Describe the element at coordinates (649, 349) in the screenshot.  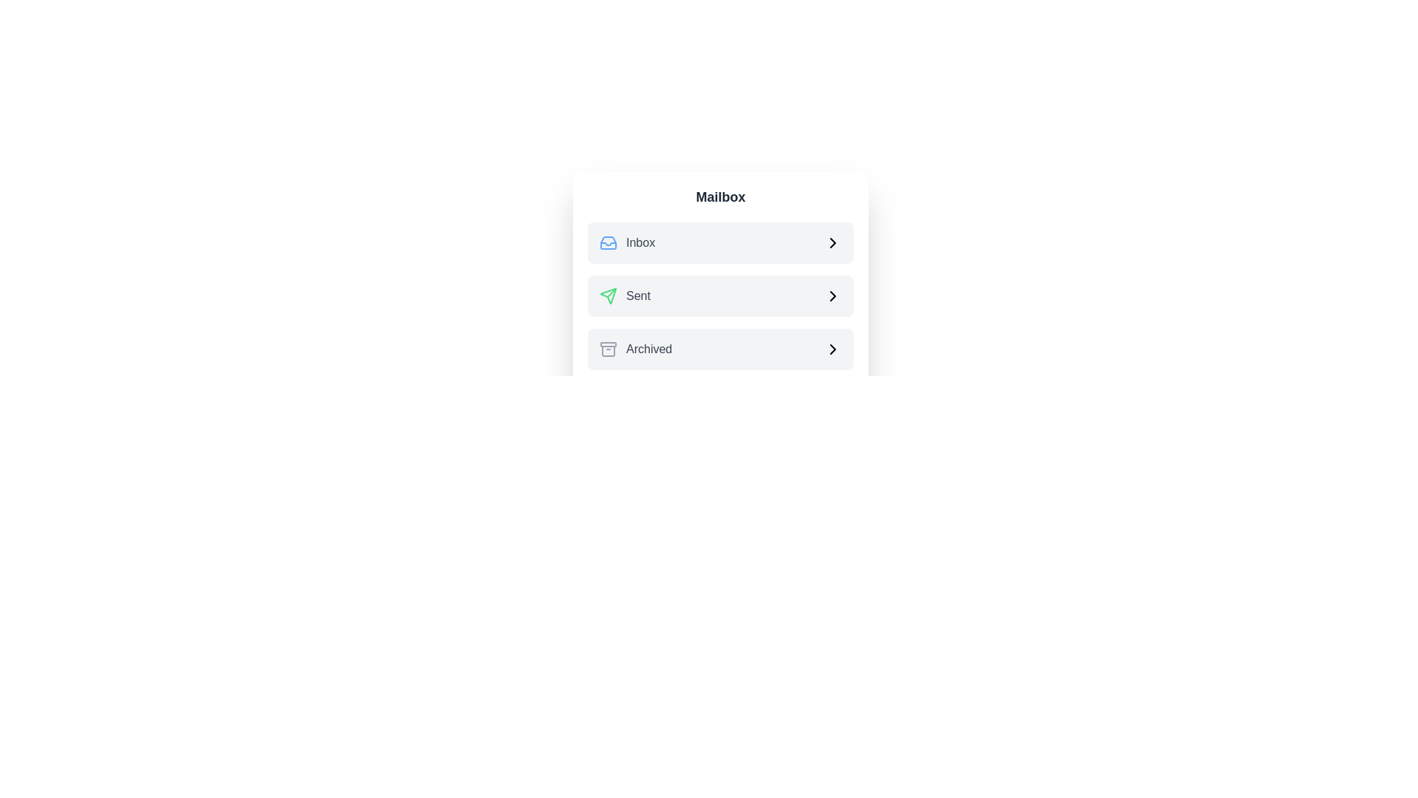
I see `the text label that serves as the third item in the vertically-stacked menu layout, specifically labeled for accessing archived items, located to the right of the archive icon` at that location.